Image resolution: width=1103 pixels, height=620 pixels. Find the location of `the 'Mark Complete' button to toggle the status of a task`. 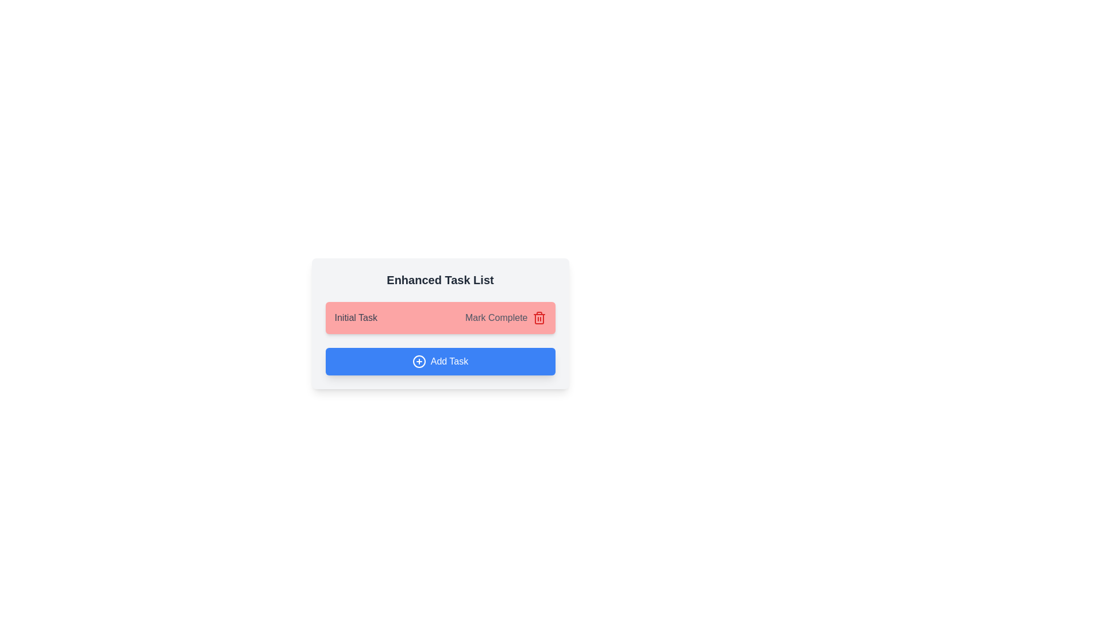

the 'Mark Complete' button to toggle the status of a task is located at coordinates (496, 318).